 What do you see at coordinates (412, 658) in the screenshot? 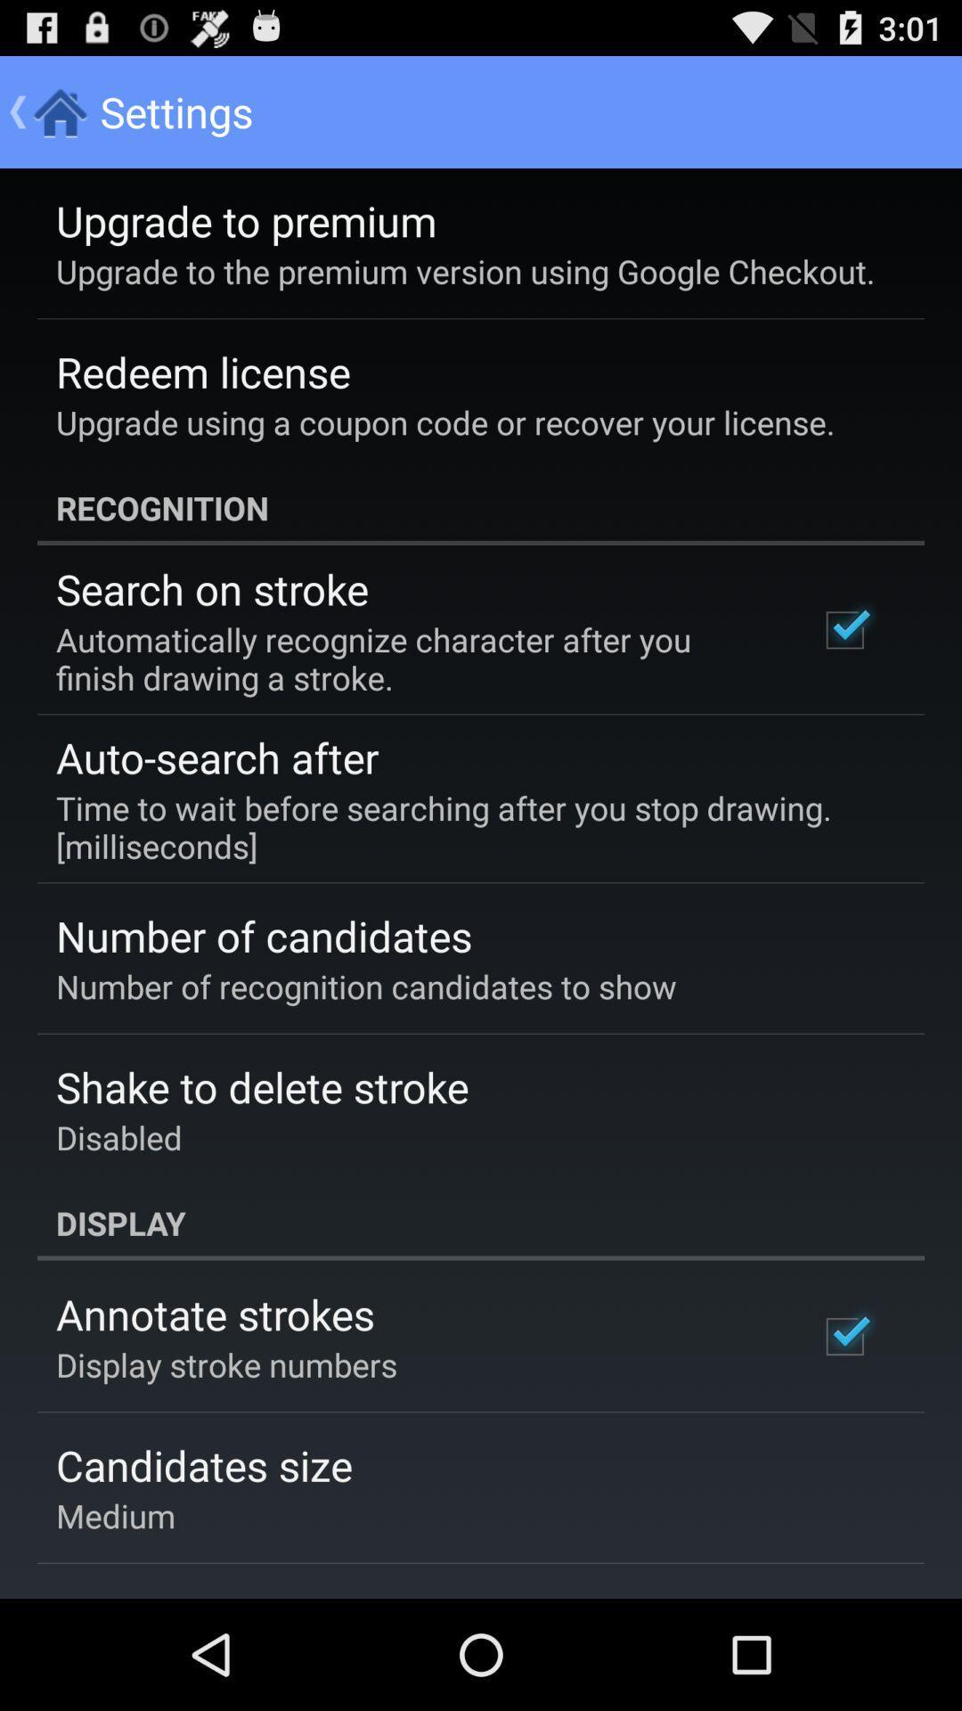
I see `the item above the auto-search after` at bounding box center [412, 658].